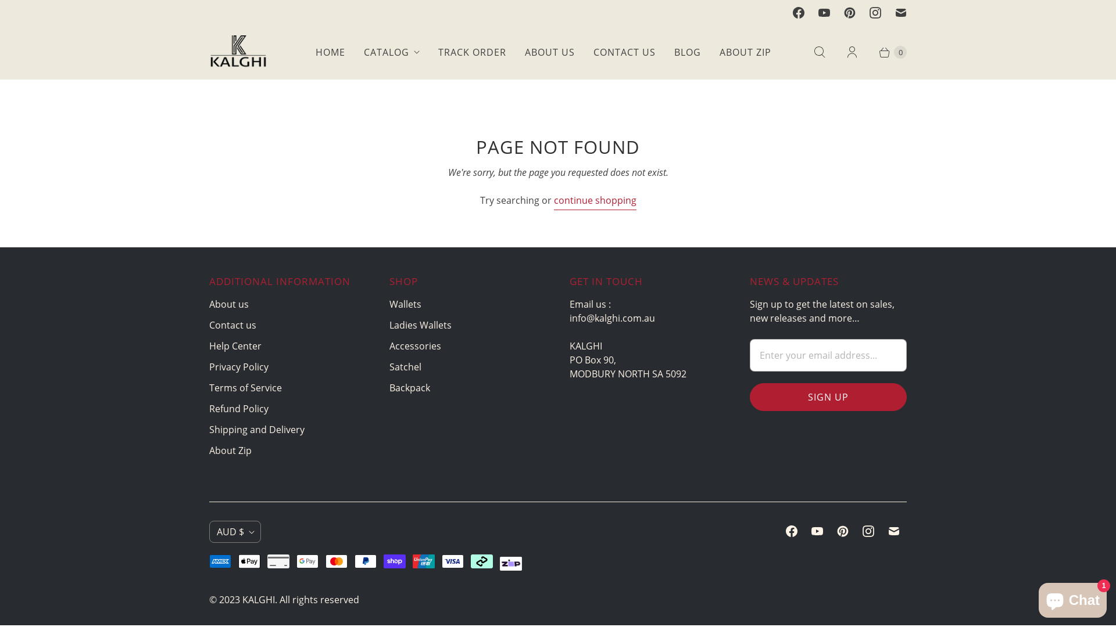  What do you see at coordinates (405, 304) in the screenshot?
I see `'Wallets'` at bounding box center [405, 304].